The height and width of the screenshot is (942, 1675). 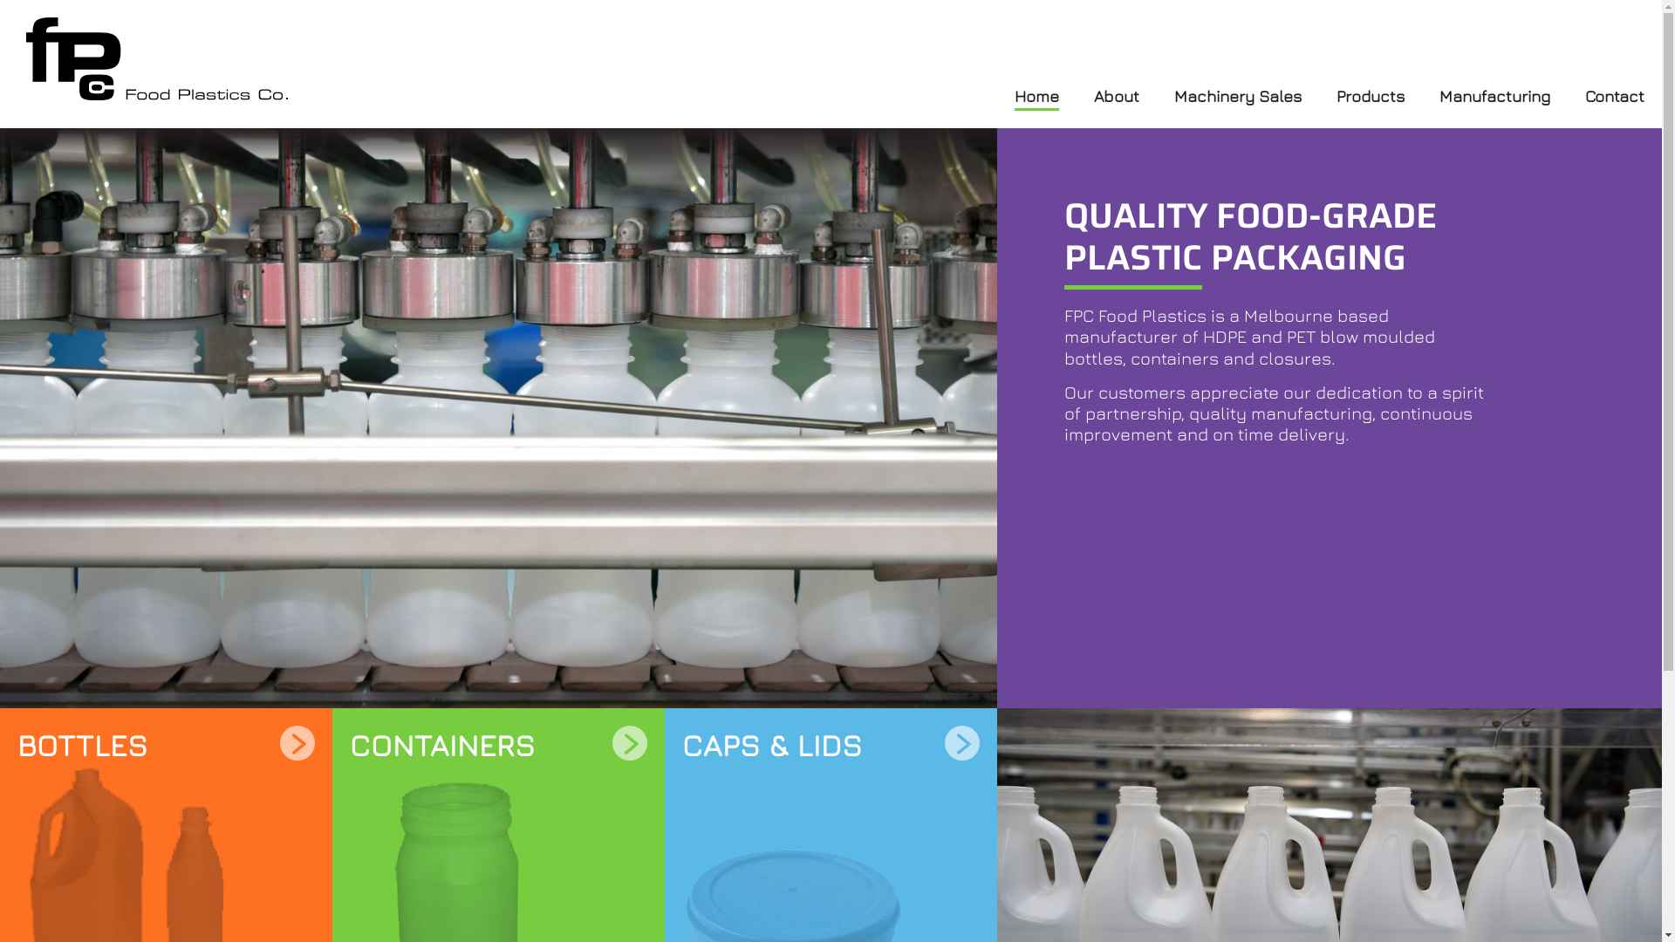 I want to click on 'Contact', so click(x=1614, y=97).